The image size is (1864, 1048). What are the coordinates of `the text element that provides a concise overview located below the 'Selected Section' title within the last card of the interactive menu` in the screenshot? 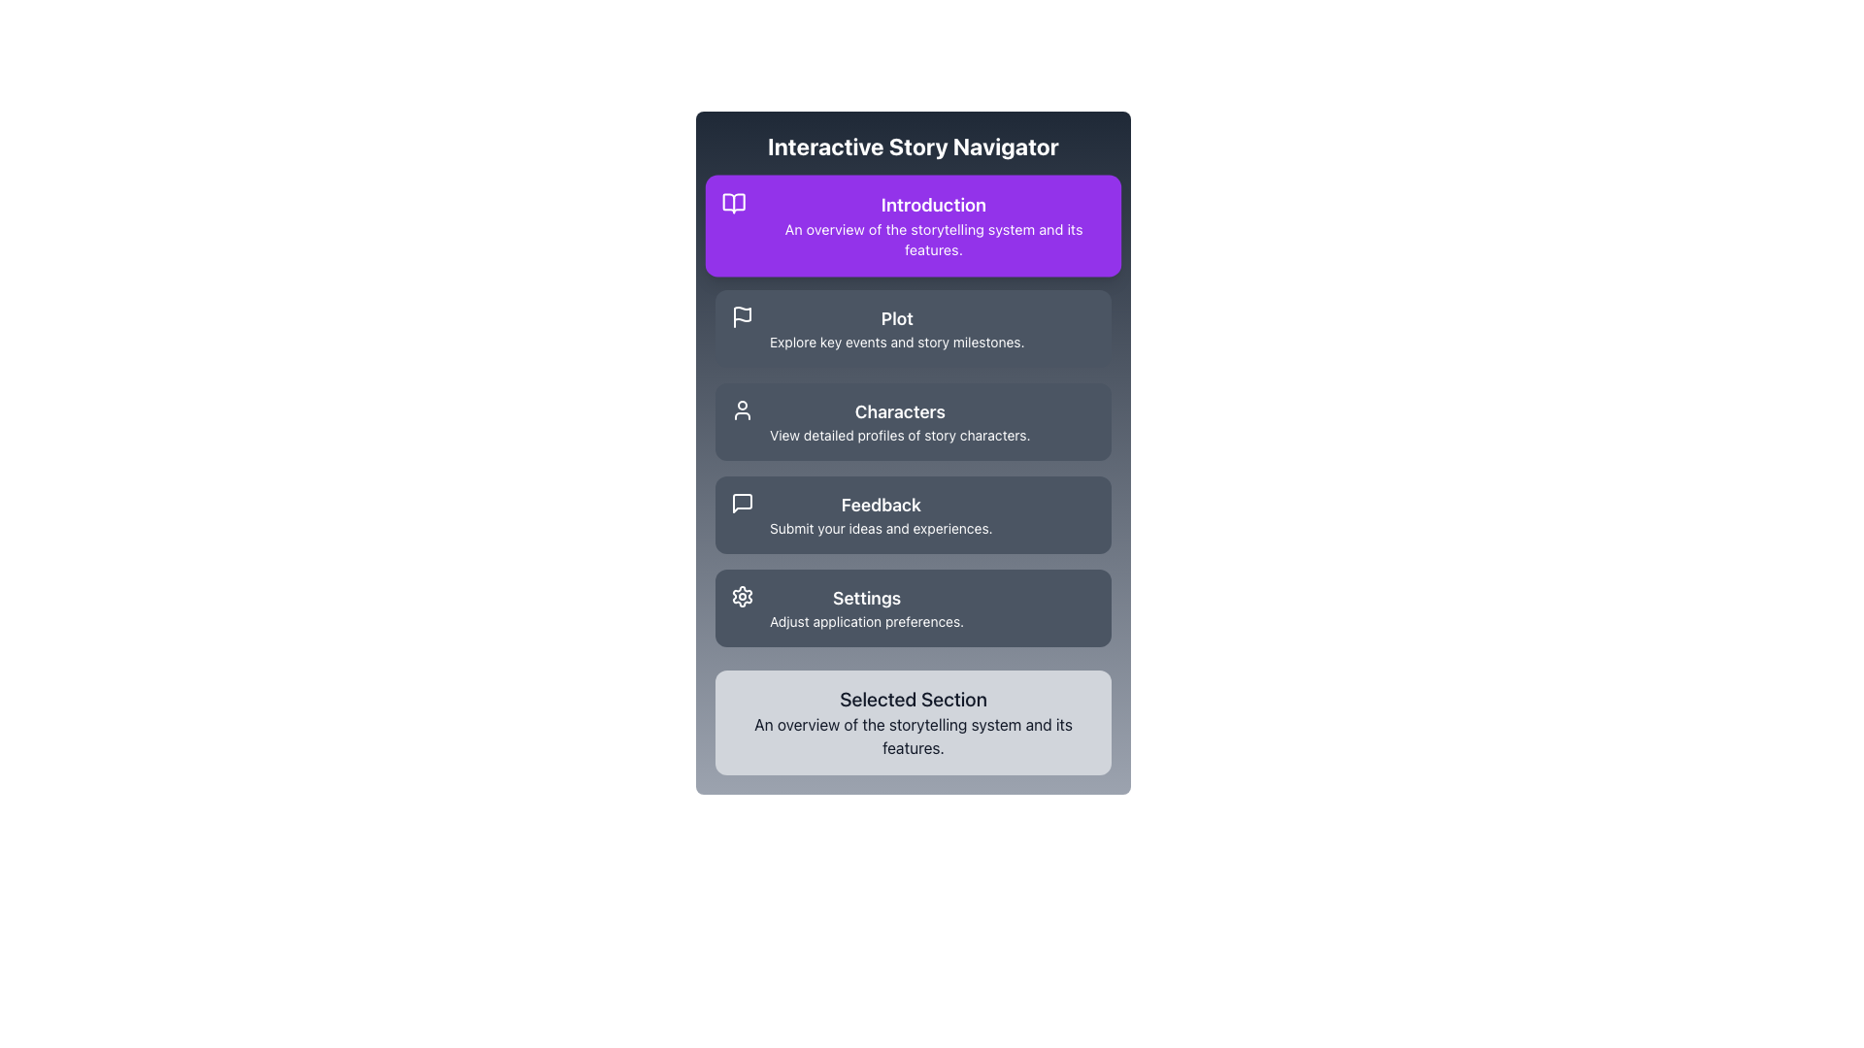 It's located at (912, 737).